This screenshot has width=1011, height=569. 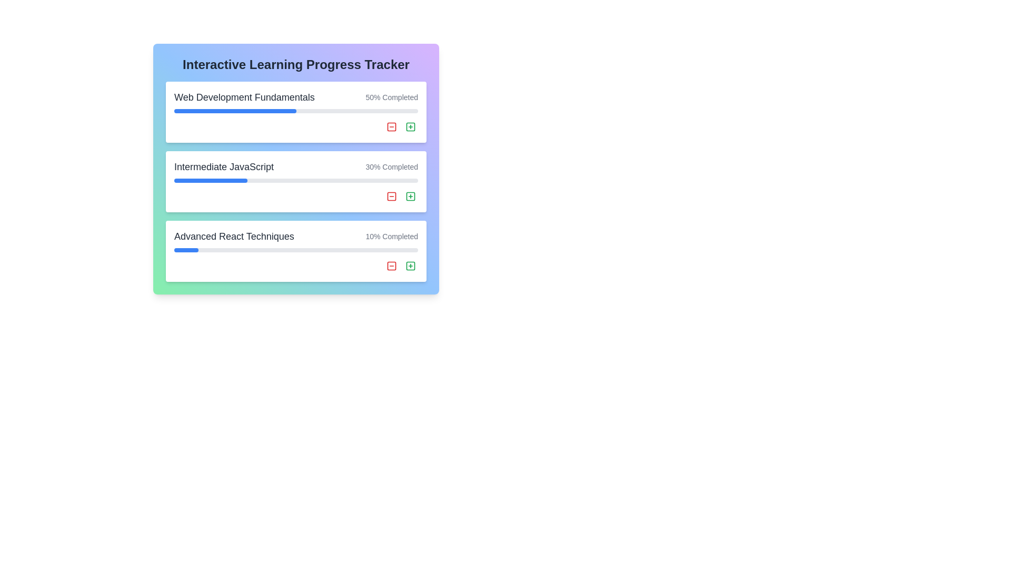 What do you see at coordinates (410, 266) in the screenshot?
I see `the button located in the bottom-right section of the 'Advanced React Techniques' course card to observe the hover effect` at bounding box center [410, 266].